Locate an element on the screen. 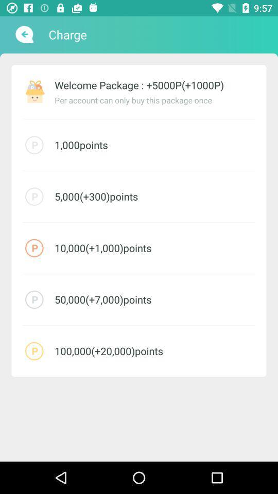 This screenshot has width=278, height=494. the icon which is above red icon is located at coordinates (34, 196).